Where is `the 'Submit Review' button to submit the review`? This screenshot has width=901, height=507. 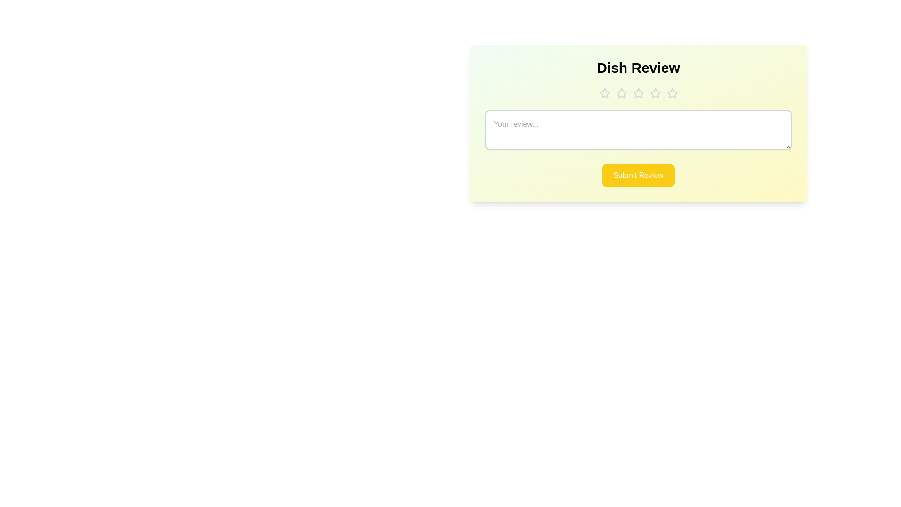
the 'Submit Review' button to submit the review is located at coordinates (638, 176).